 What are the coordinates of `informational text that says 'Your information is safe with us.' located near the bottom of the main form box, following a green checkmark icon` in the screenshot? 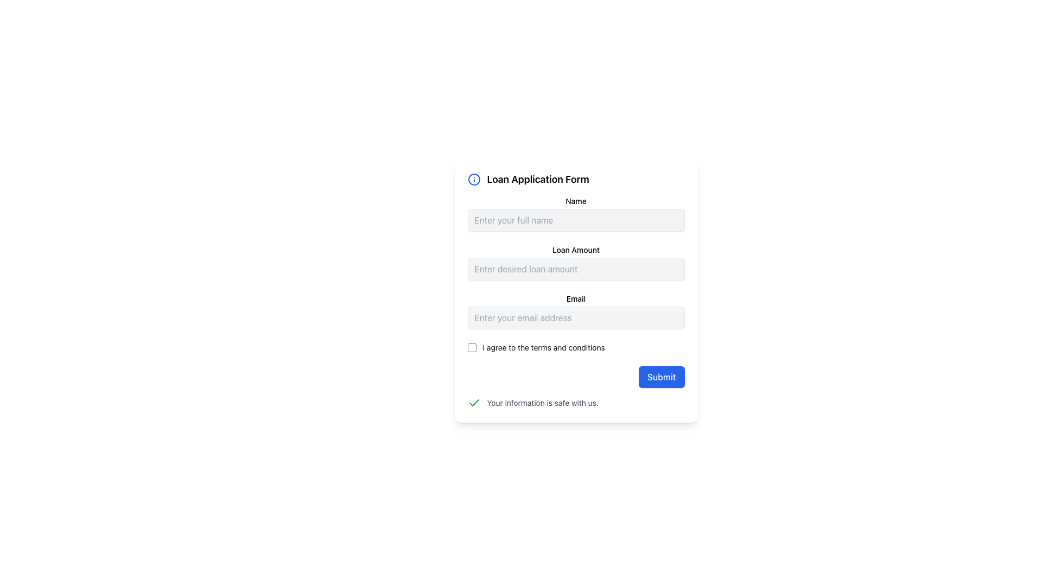 It's located at (543, 403).